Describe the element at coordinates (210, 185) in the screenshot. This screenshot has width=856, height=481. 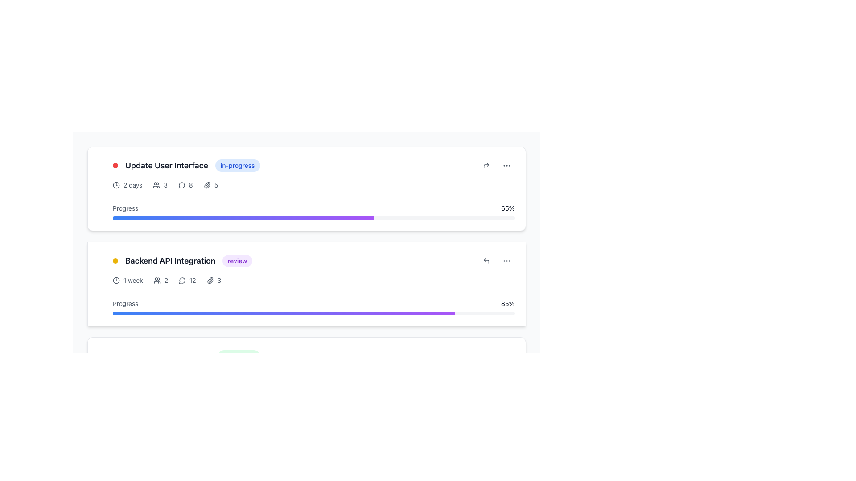
I see `the number indicating the count of attached files represented by a paperclip icon, located at the far right of the sequence in the first card, just before the progress bar` at that location.